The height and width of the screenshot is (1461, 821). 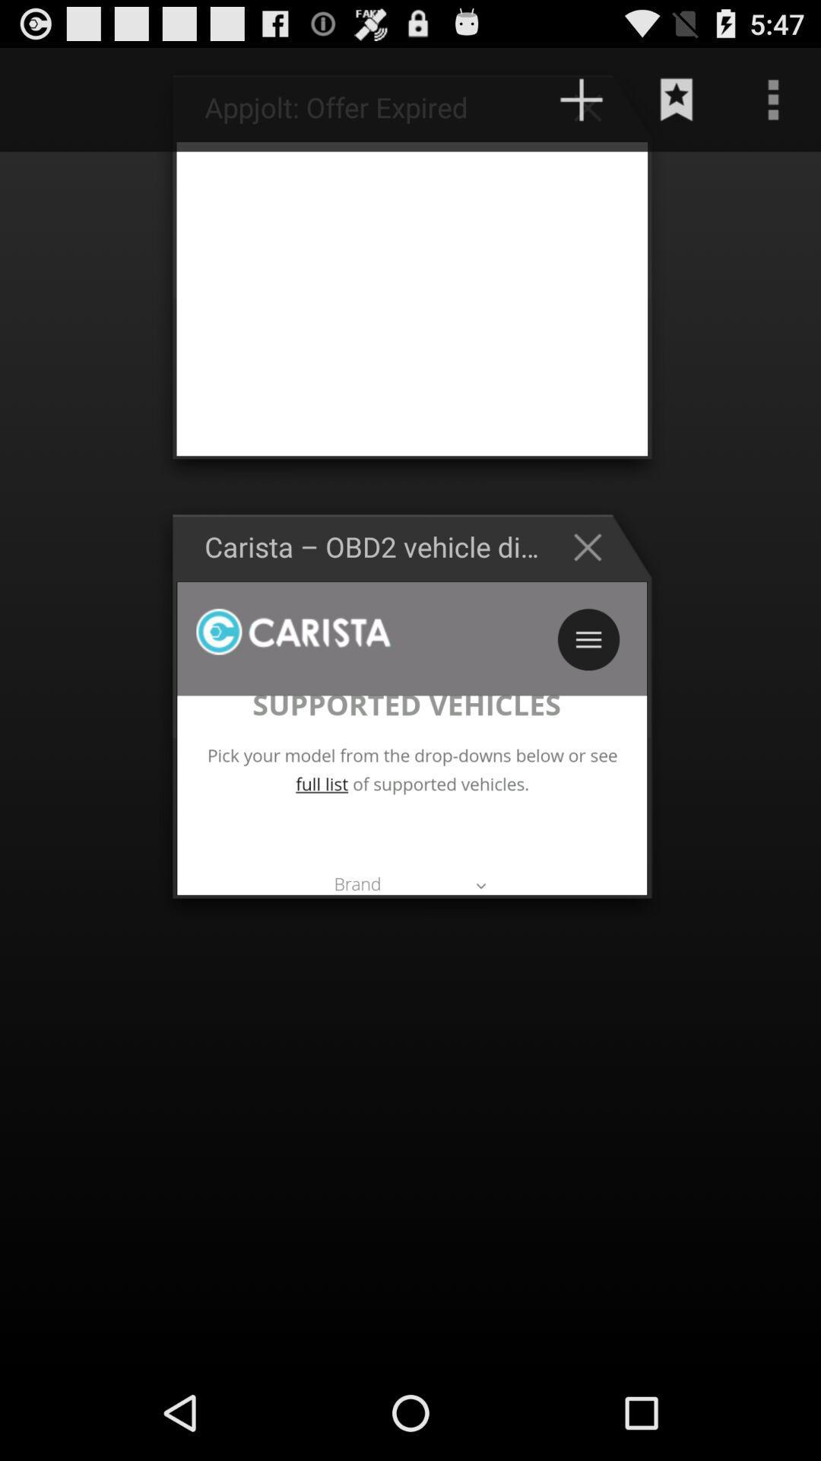 I want to click on the more icon, so click(x=773, y=106).